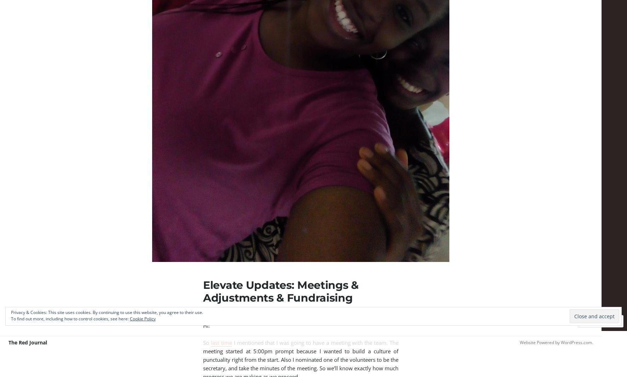  I want to click on 'Elevate Updates: Meetings & Adjustments & Fundraising', so click(281, 291).